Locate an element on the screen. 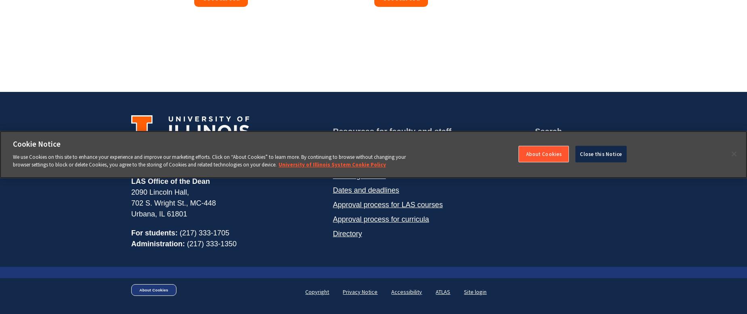 This screenshot has width=747, height=314. 'Resources for faculty and staff' is located at coordinates (391, 131).